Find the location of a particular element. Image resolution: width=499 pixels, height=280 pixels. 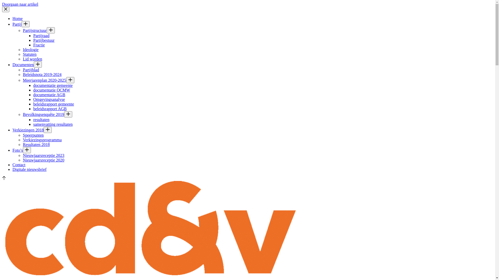

'Doorgaan naar artikel' is located at coordinates (20, 4).